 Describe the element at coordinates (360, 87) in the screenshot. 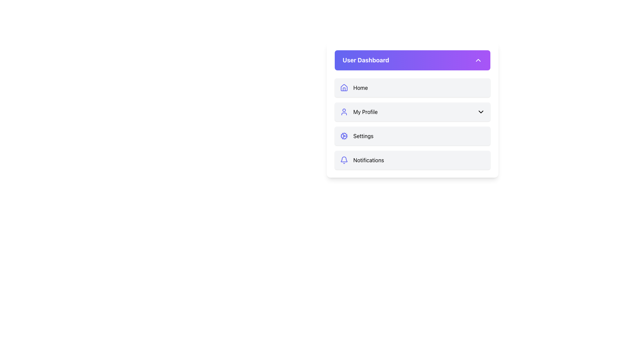

I see `the 'Home' text label, which is displayed in bold black text to the right of a blue house-shaped icon, to trigger the hover effects` at that location.